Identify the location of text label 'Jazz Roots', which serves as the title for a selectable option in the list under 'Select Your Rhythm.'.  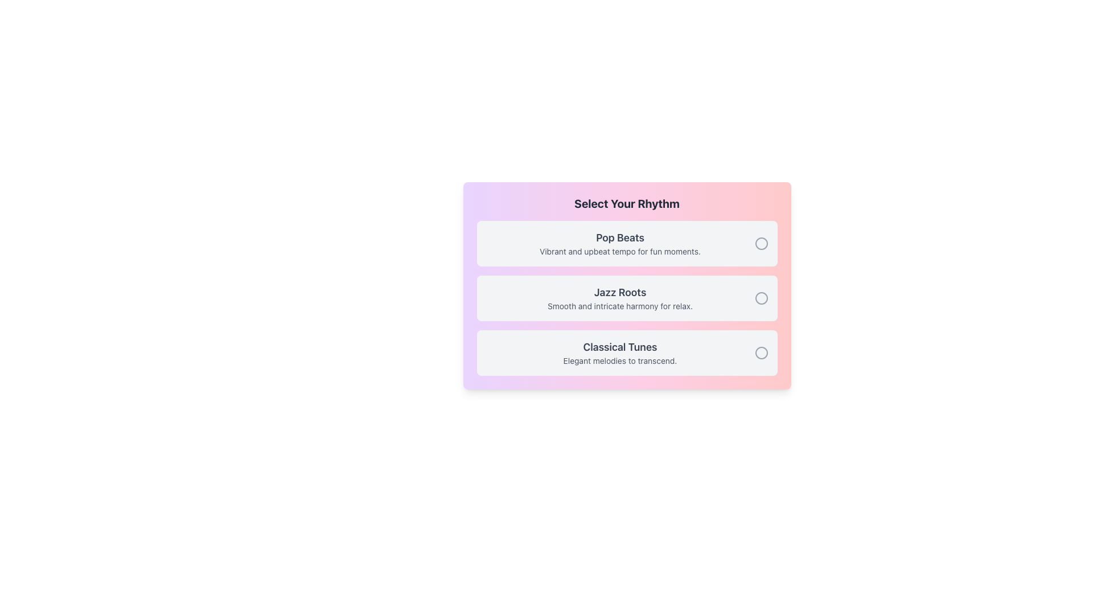
(619, 292).